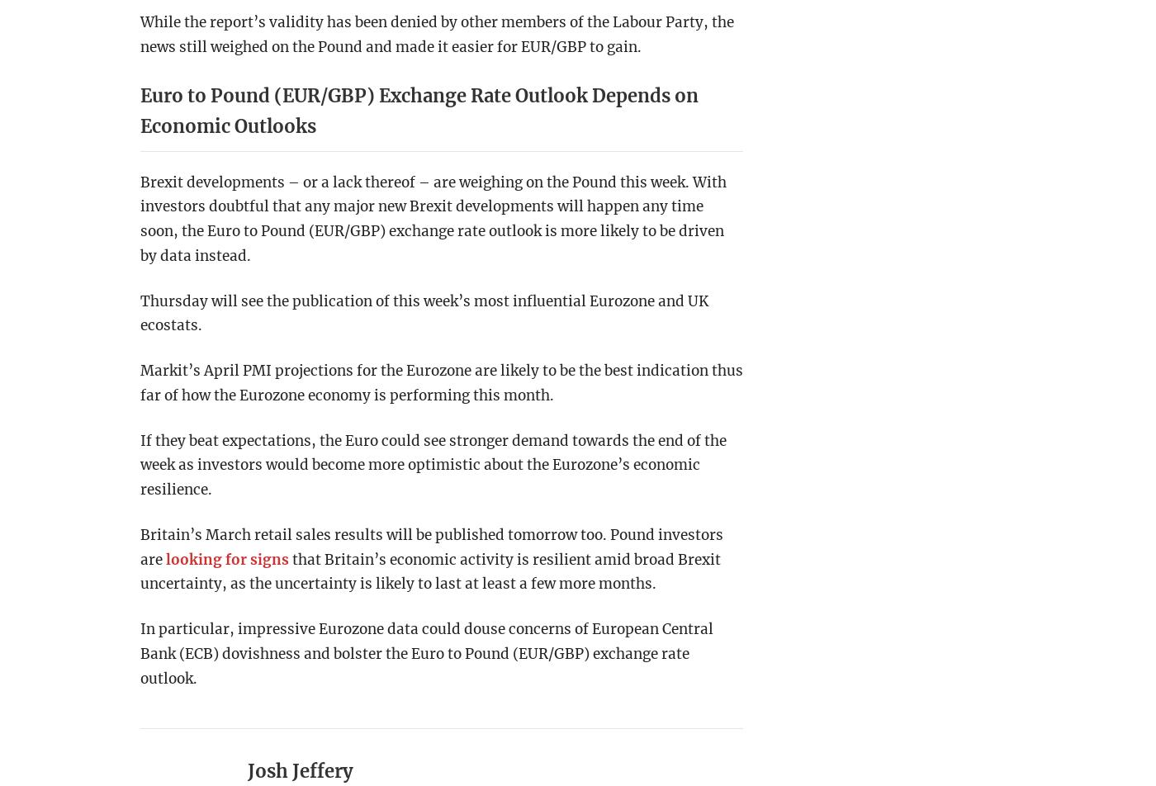  Describe the element at coordinates (433, 465) in the screenshot. I see `'If they beat expectations, the Euro could see stronger demand towards the end of the week as investors would become more optimistic about the Eurozone’s economic resilience.'` at that location.